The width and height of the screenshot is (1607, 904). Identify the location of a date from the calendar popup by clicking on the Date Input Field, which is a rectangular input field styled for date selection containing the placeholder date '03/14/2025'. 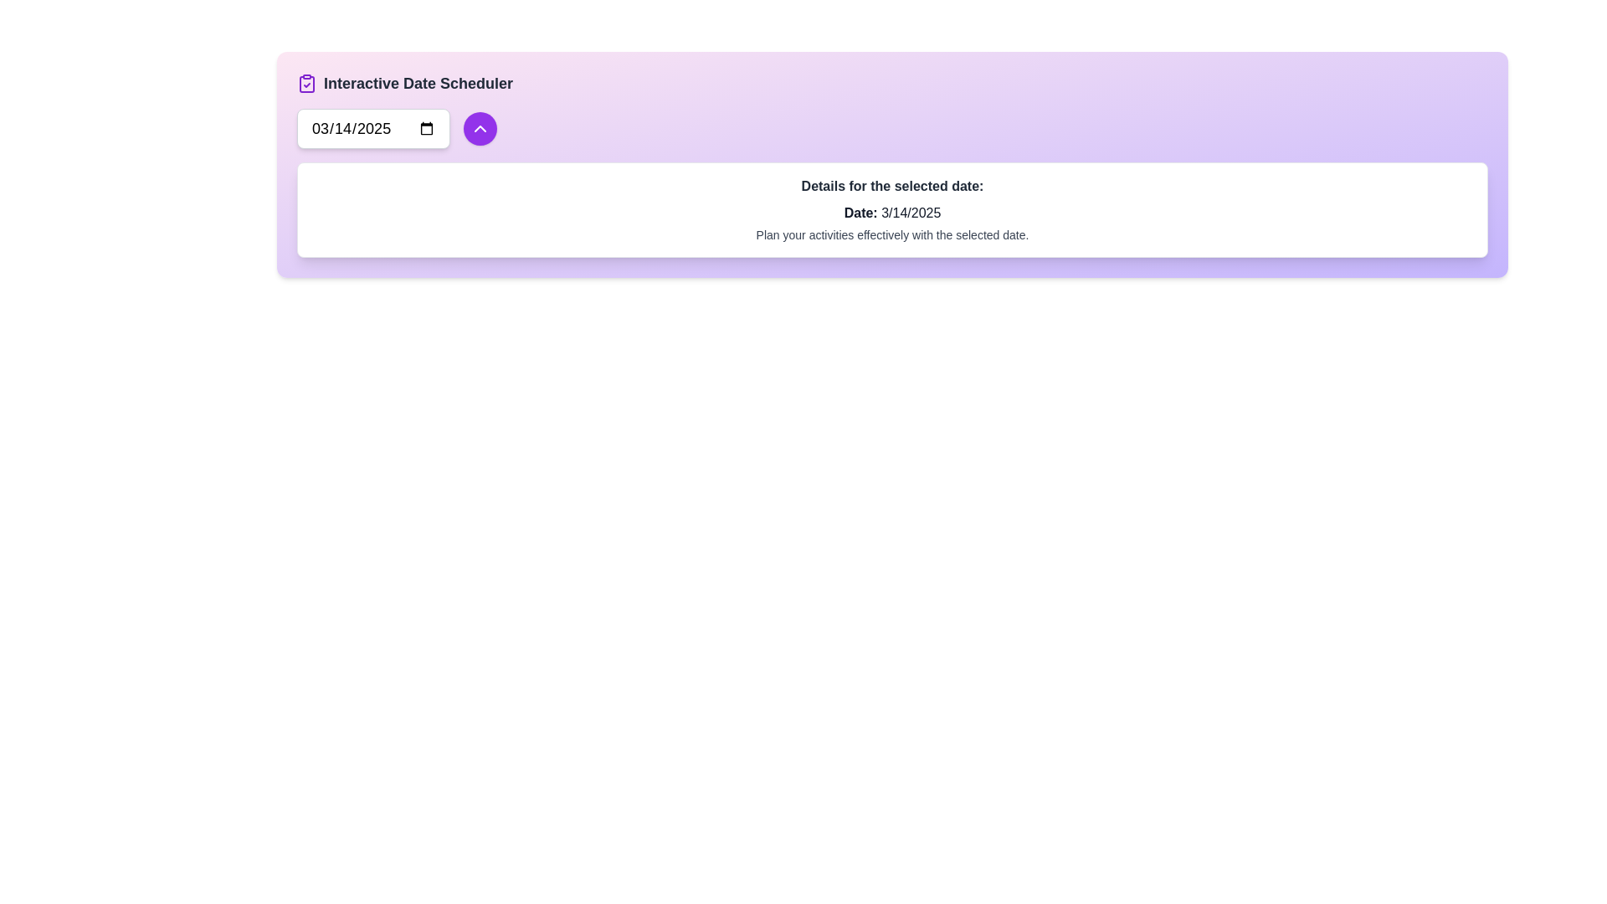
(372, 128).